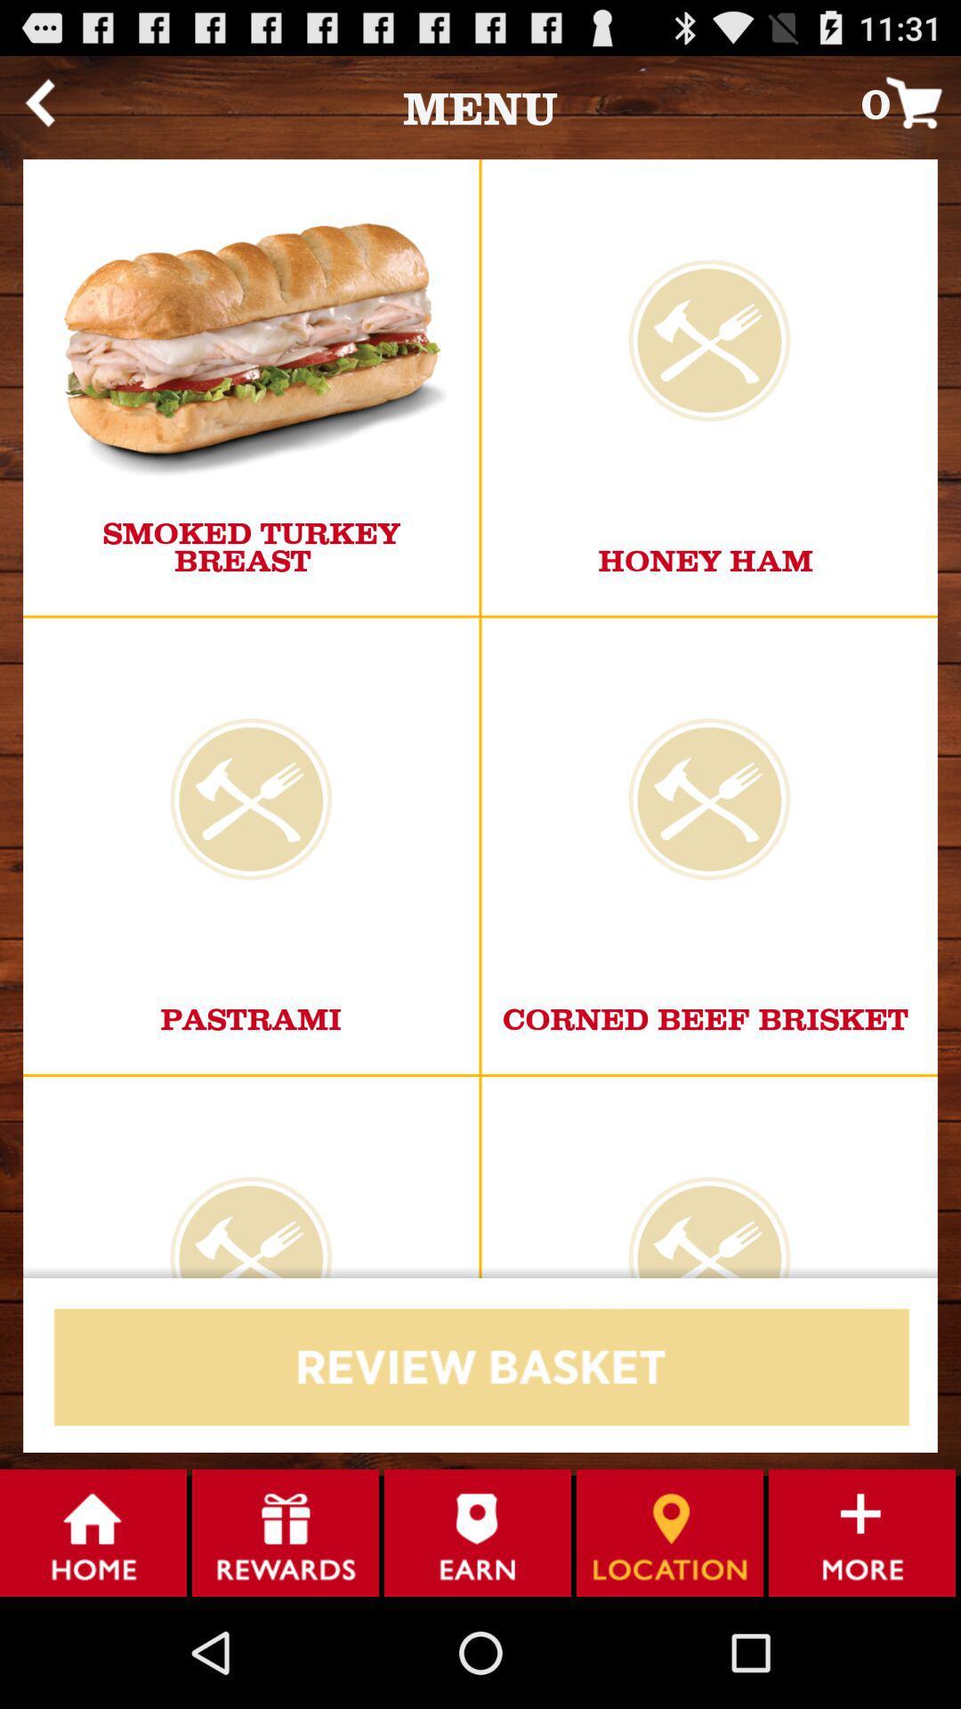  Describe the element at coordinates (910, 101) in the screenshot. I see `the item next to menu app` at that location.